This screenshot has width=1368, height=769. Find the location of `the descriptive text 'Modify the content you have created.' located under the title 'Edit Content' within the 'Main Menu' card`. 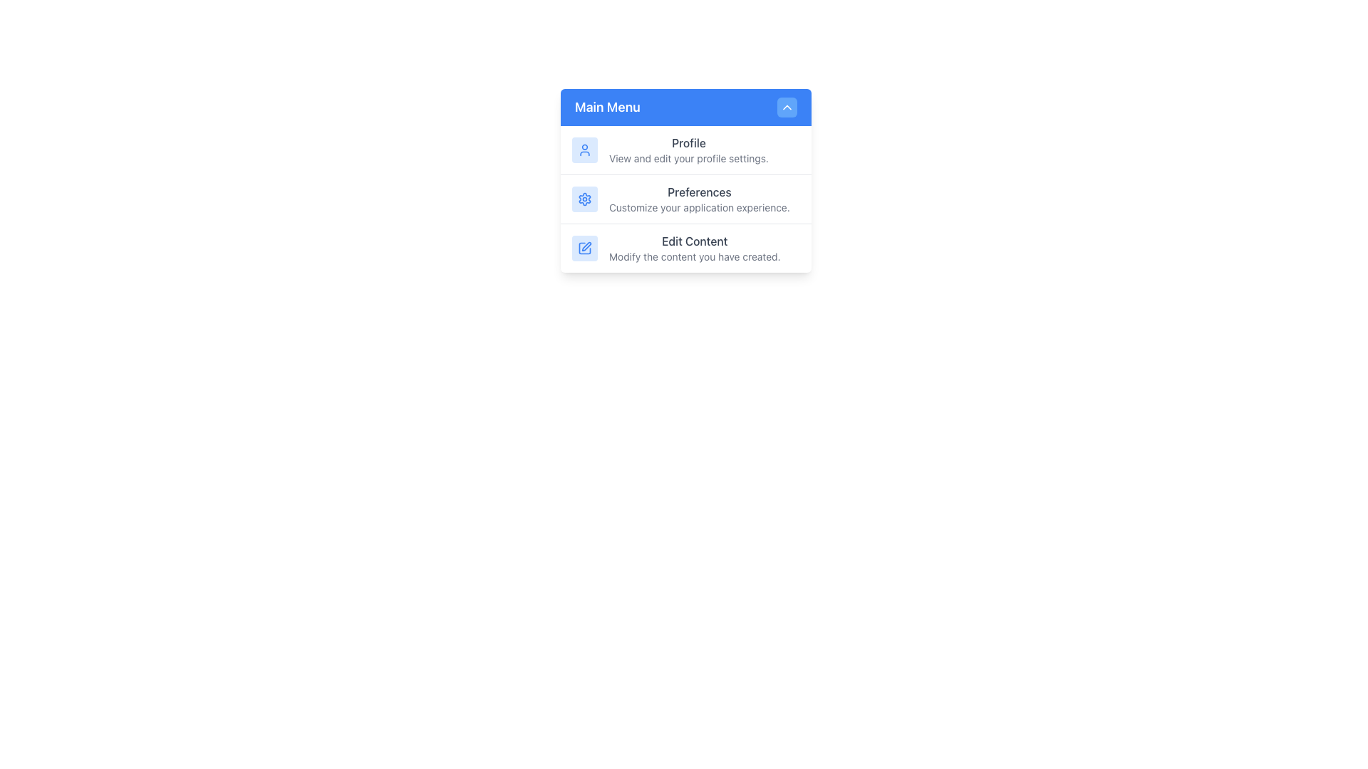

the descriptive text 'Modify the content you have created.' located under the title 'Edit Content' within the 'Main Menu' card is located at coordinates (695, 257).